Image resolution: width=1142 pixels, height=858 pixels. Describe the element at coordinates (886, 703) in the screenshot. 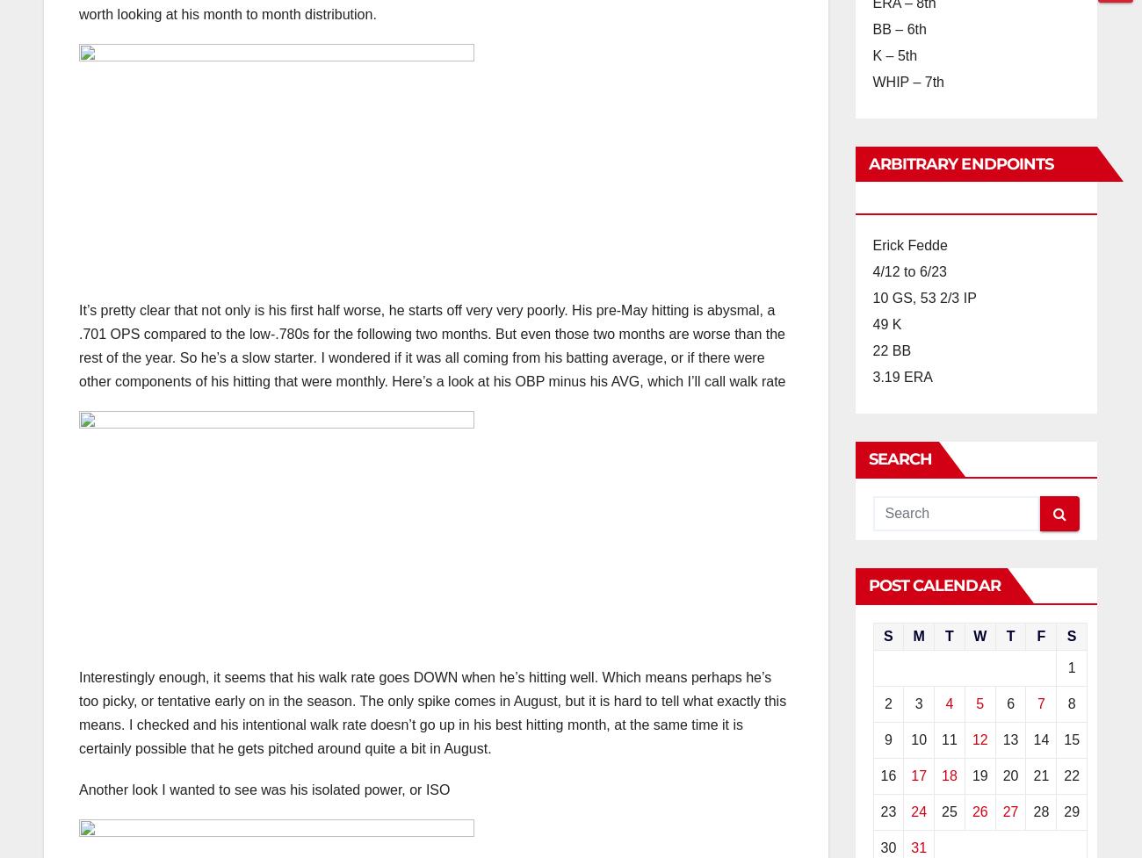

I see `'2'` at that location.